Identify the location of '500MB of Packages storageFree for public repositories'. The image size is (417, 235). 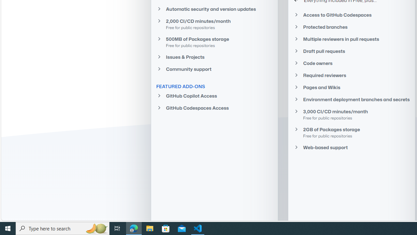
(214, 42).